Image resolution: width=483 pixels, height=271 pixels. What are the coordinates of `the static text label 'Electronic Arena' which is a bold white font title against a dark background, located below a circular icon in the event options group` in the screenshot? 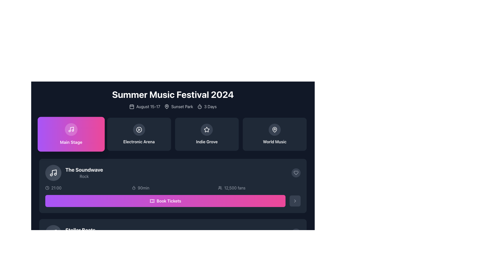 It's located at (139, 142).